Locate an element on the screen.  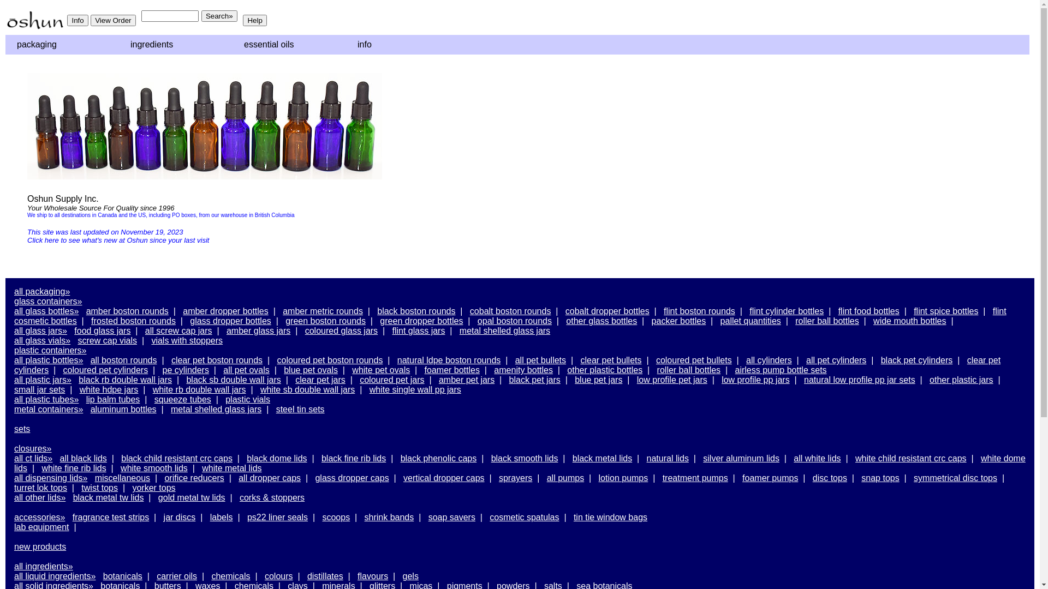
'turret lok tops' is located at coordinates (14, 487).